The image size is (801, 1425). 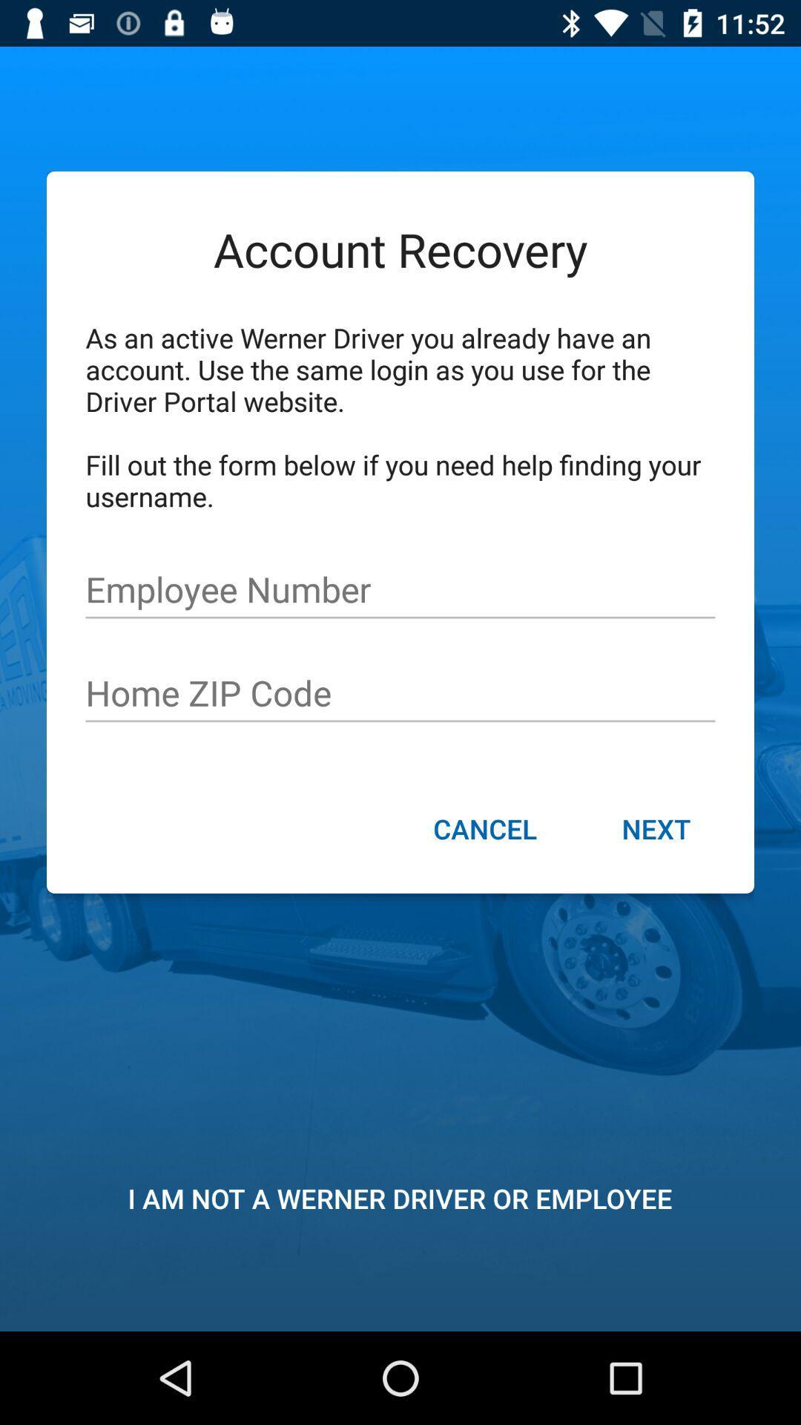 What do you see at coordinates (400, 589) in the screenshot?
I see `item below the as an active` at bounding box center [400, 589].